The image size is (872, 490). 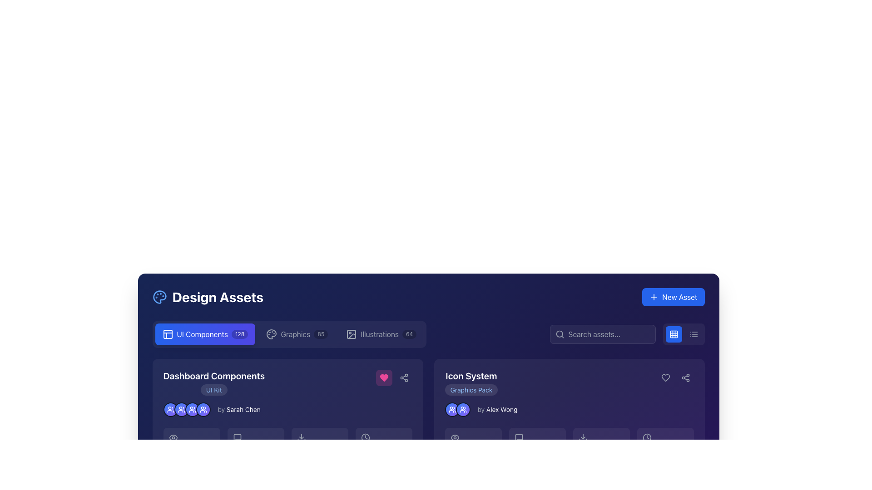 What do you see at coordinates (295, 334) in the screenshot?
I see `the text label displaying 'Graphics' styled in light gray color, located in the horizontal navigation bar on a dark blue background` at bounding box center [295, 334].